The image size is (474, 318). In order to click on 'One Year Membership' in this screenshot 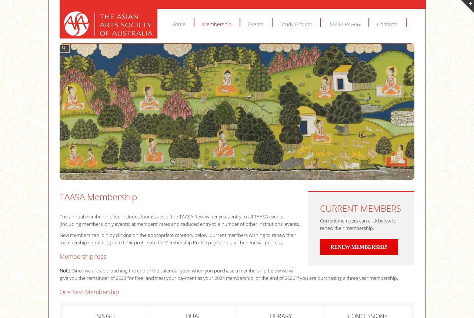, I will do `click(89, 291)`.